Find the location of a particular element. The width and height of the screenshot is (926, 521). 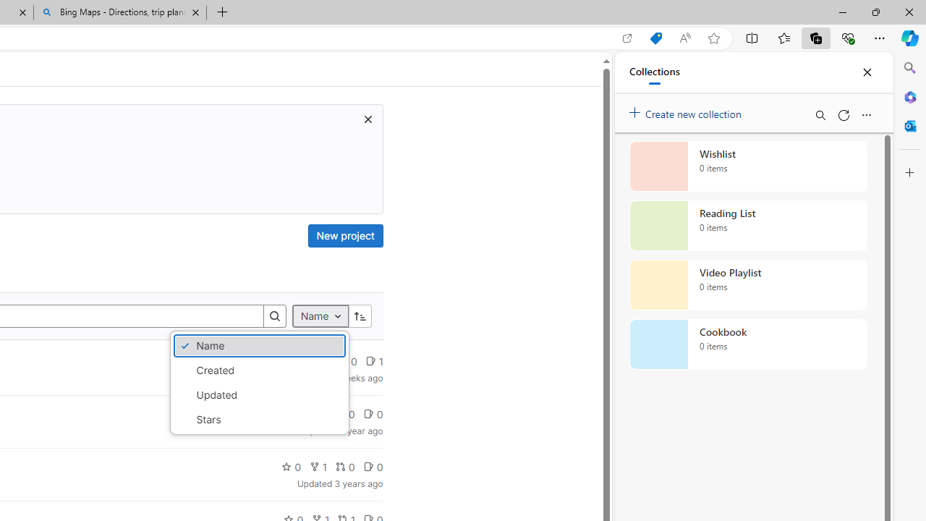

'More options menu' is located at coordinates (866, 114).